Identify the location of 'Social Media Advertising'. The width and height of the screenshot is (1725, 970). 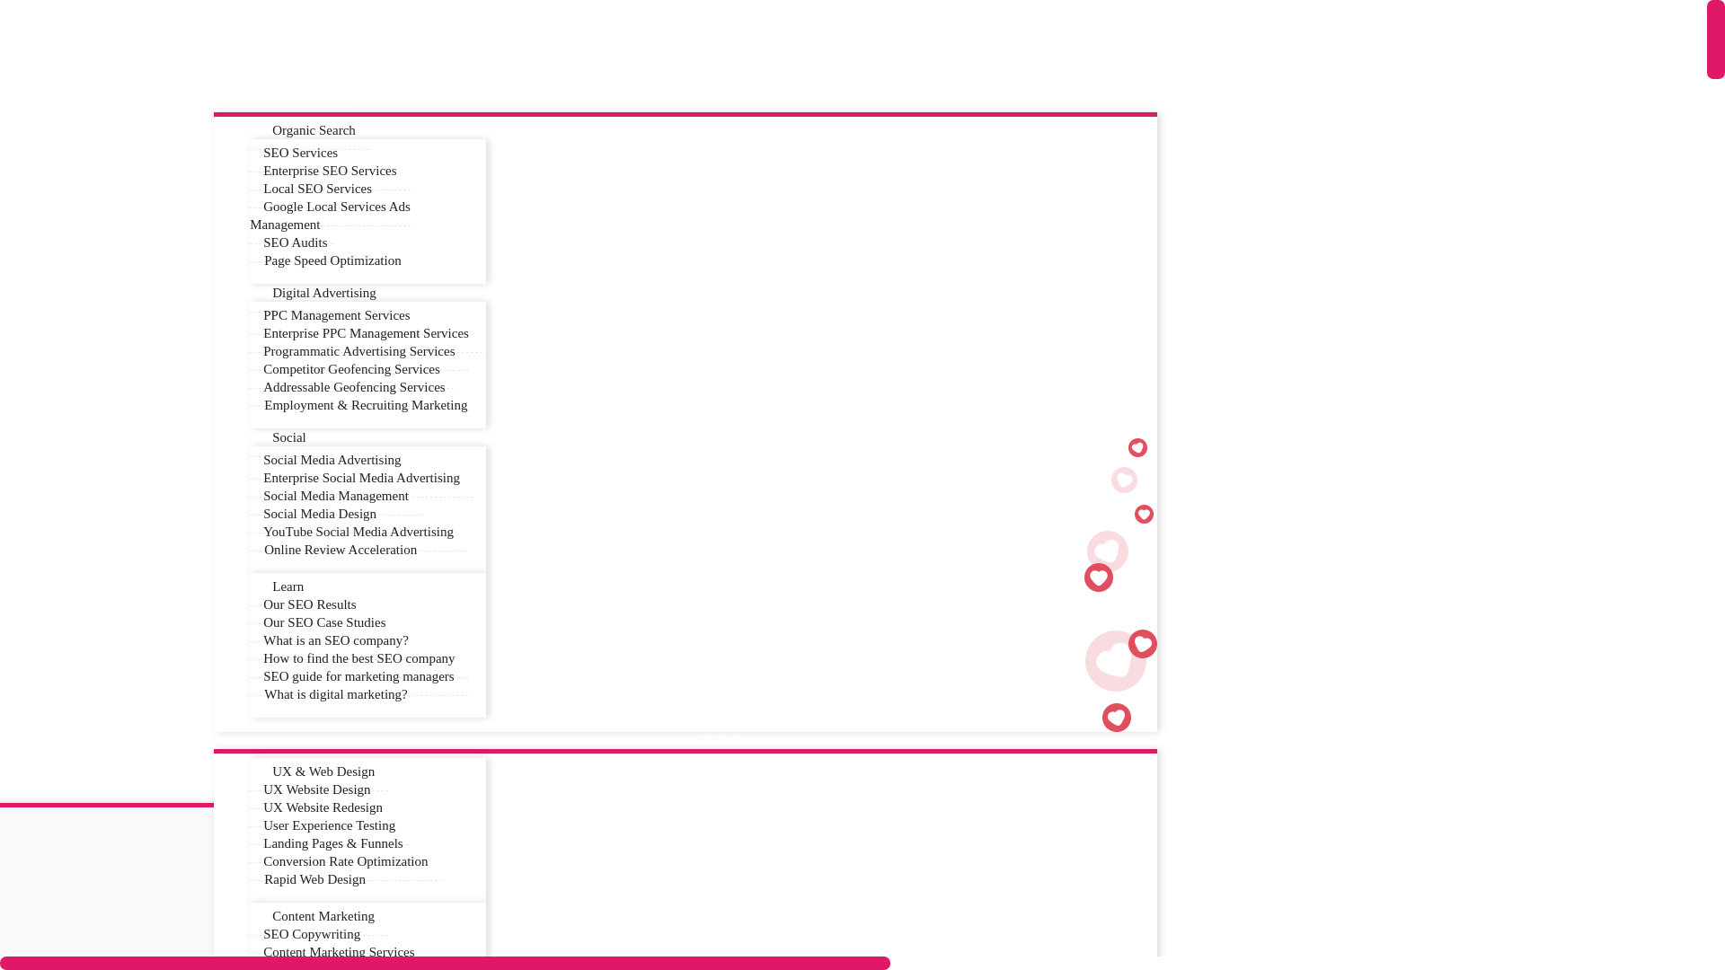
(332, 459).